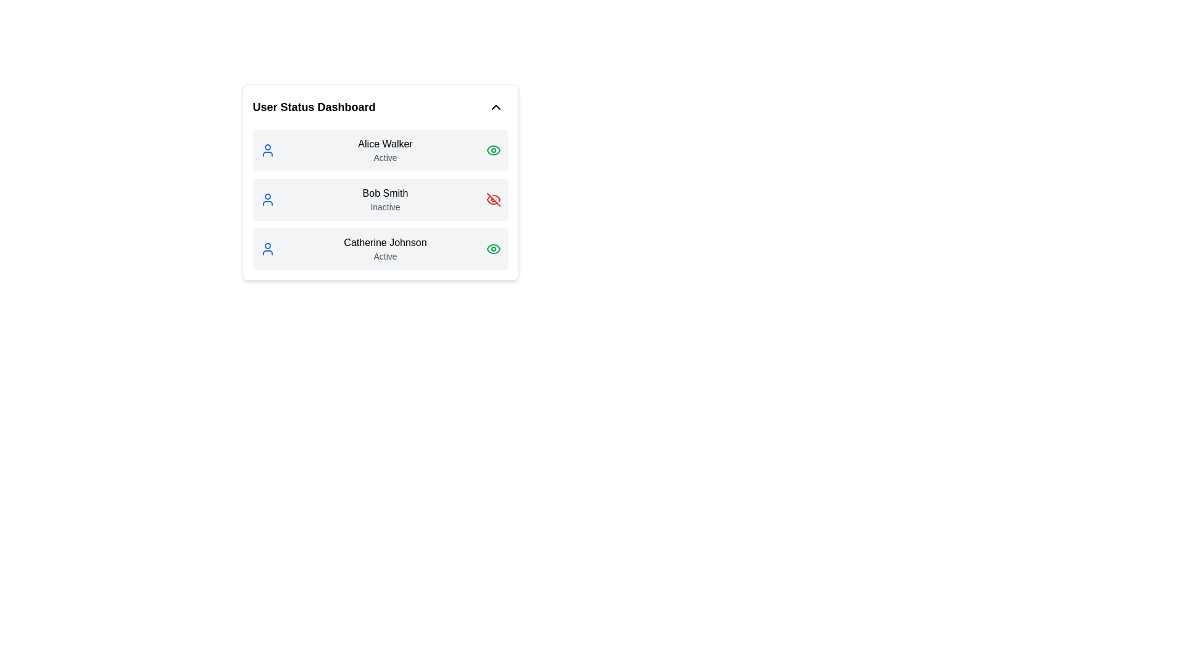 This screenshot has width=1185, height=666. Describe the element at coordinates (267, 149) in the screenshot. I see `the blue user silhouette icon located before the text 'Alice Walker' in the user status dashboard` at that location.